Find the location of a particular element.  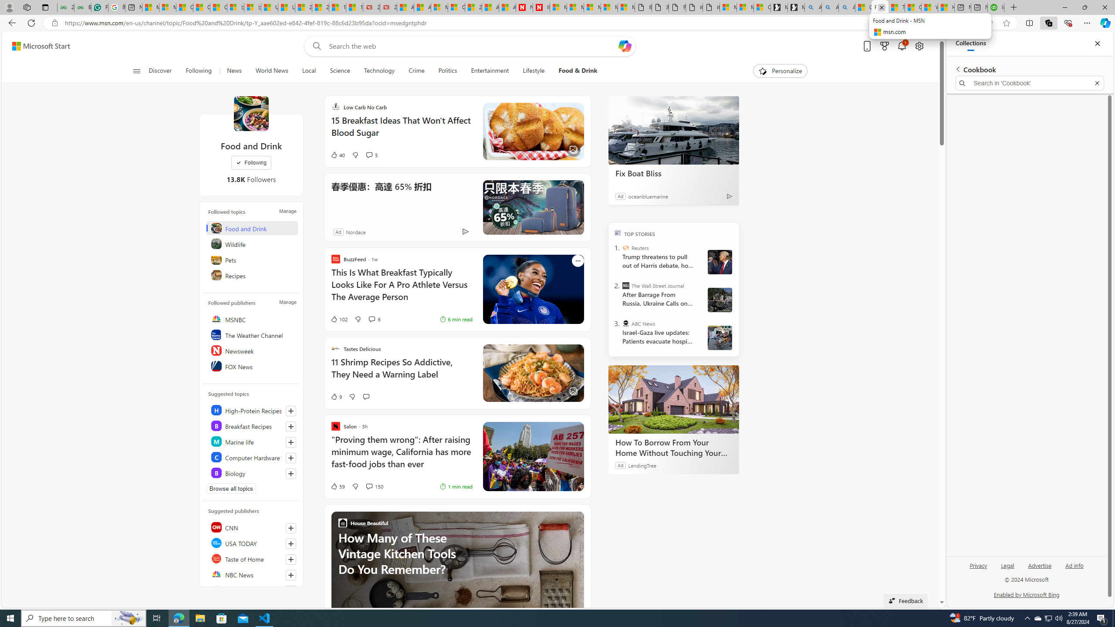

'59 Like' is located at coordinates (337, 485).